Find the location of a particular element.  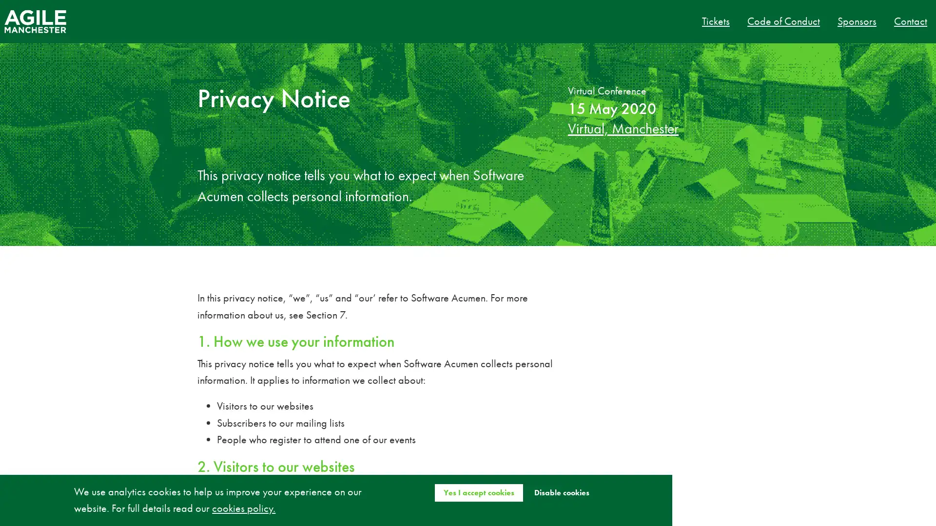

Yes I accept cookies is located at coordinates (478, 492).